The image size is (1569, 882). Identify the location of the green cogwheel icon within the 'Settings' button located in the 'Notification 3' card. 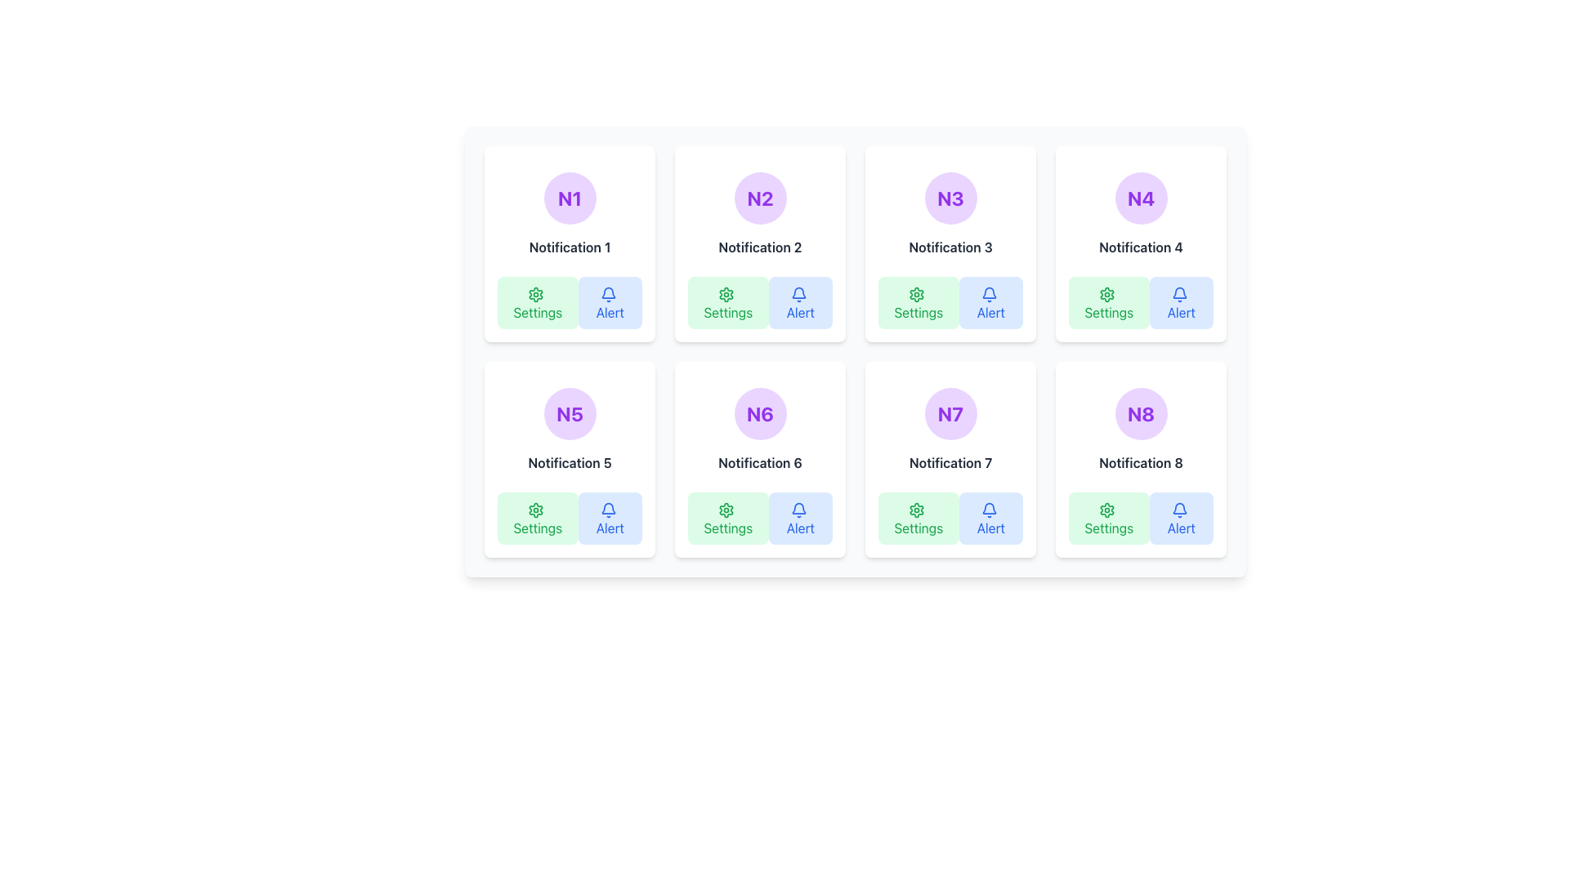
(917, 294).